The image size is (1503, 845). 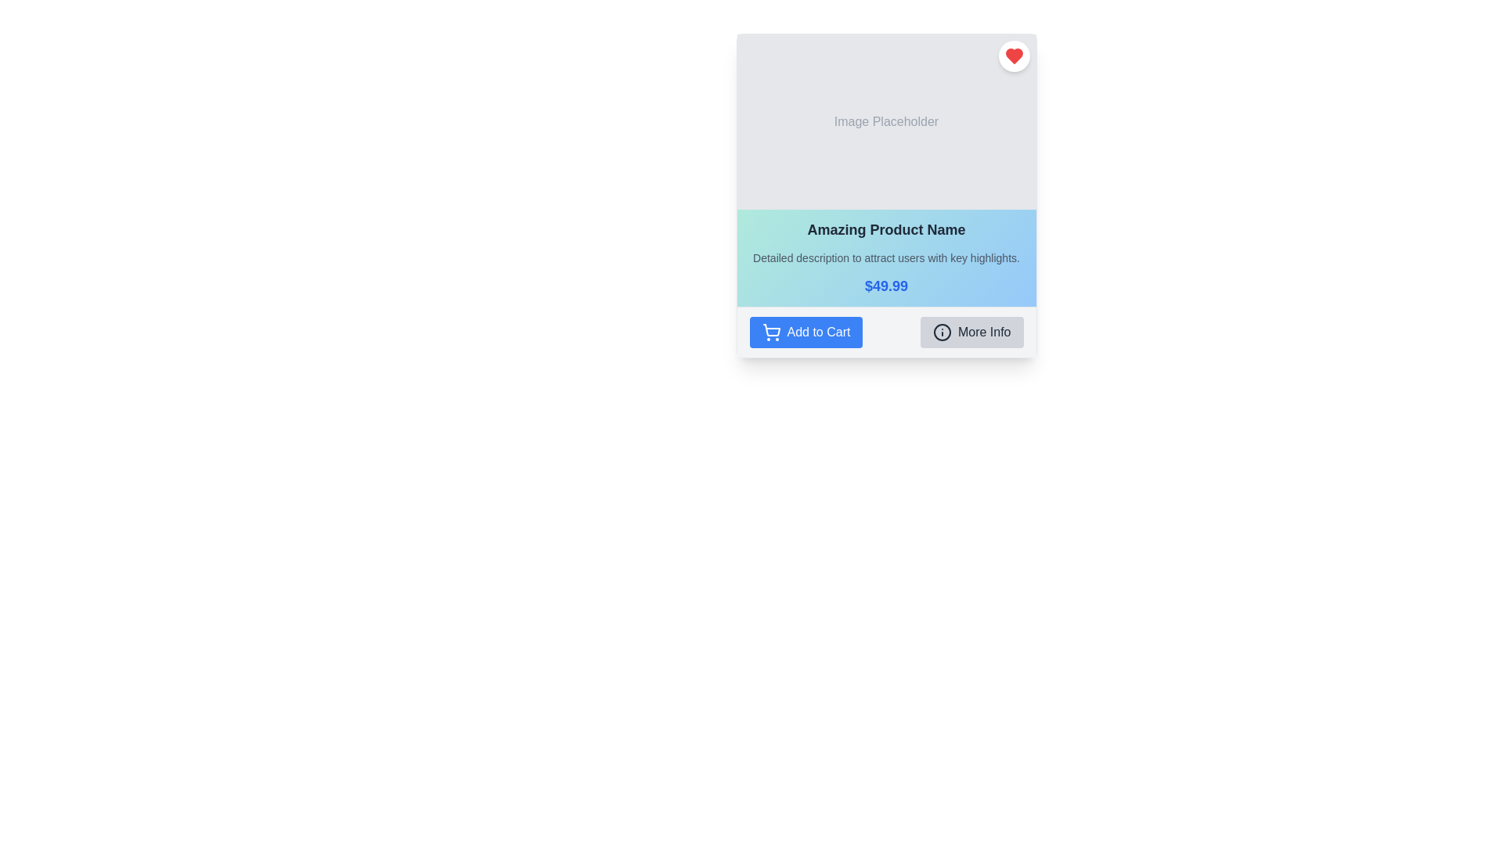 I want to click on the 'Image Placeholder' element, which is a rectangular section with a light gray background and centered text, positioned at the top of a card layout, so click(x=886, y=120).